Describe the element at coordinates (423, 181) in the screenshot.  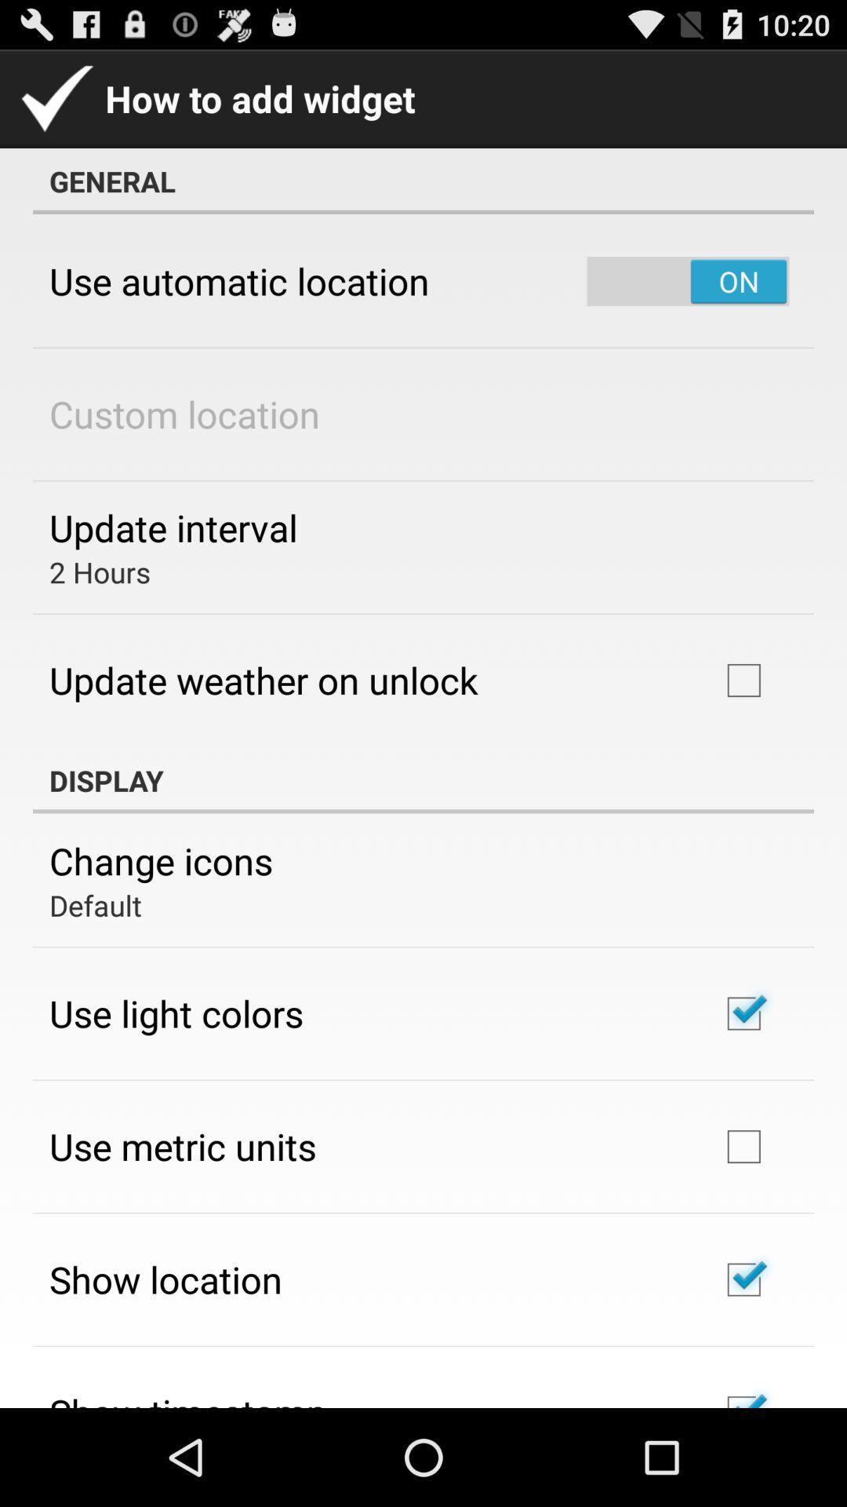
I see `general item` at that location.